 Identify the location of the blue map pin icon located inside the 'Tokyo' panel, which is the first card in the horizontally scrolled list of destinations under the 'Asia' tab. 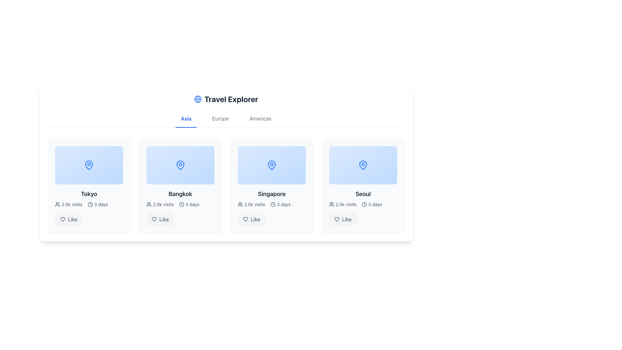
(88, 165).